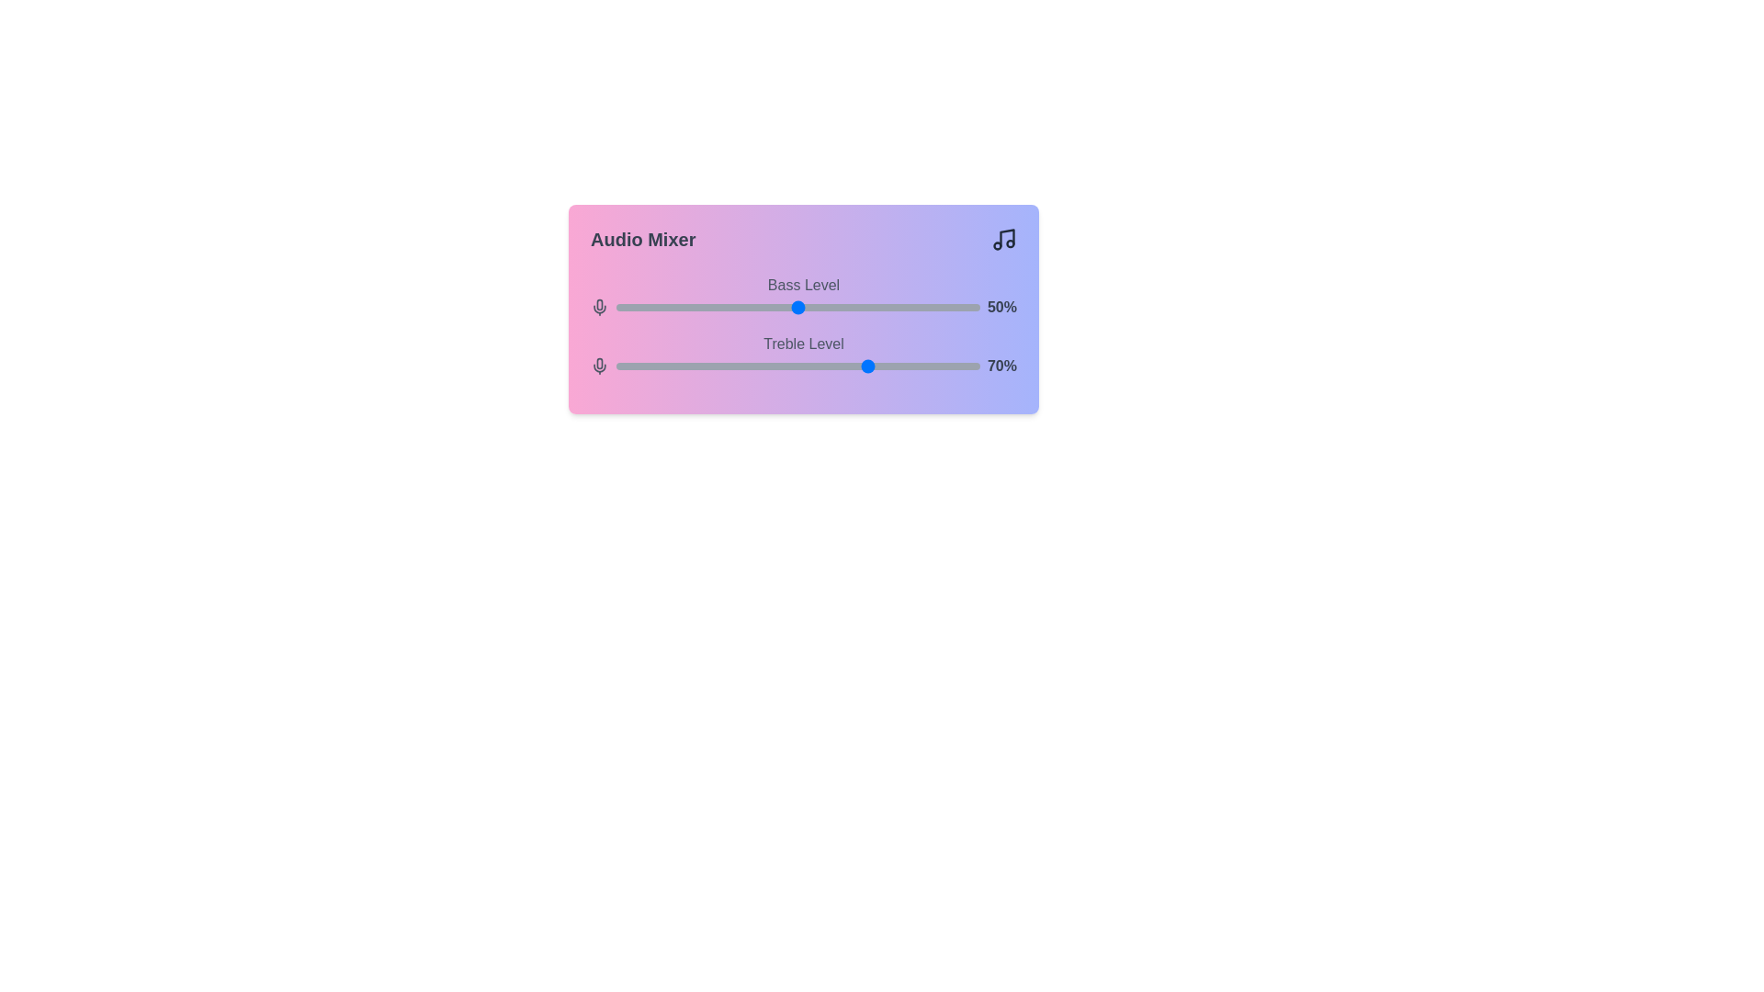  Describe the element at coordinates (616, 307) in the screenshot. I see `the 0 slider to 0%` at that location.